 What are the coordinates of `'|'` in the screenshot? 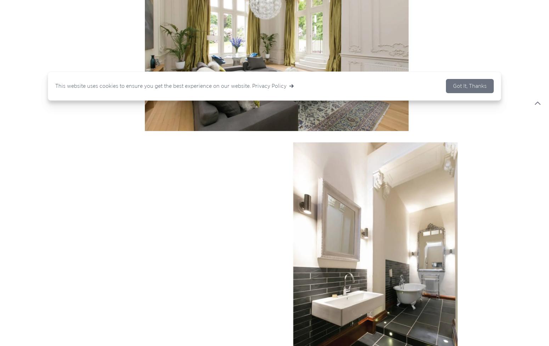 It's located at (136, 232).